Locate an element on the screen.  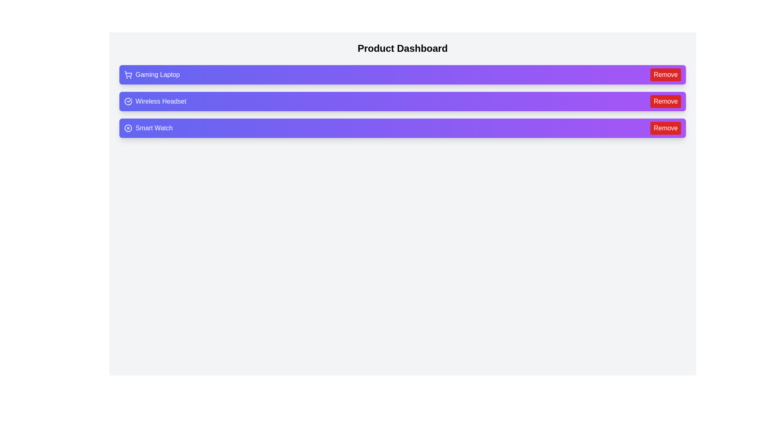
'Remove' button for the product labeled Wireless Headset is located at coordinates (666, 101).